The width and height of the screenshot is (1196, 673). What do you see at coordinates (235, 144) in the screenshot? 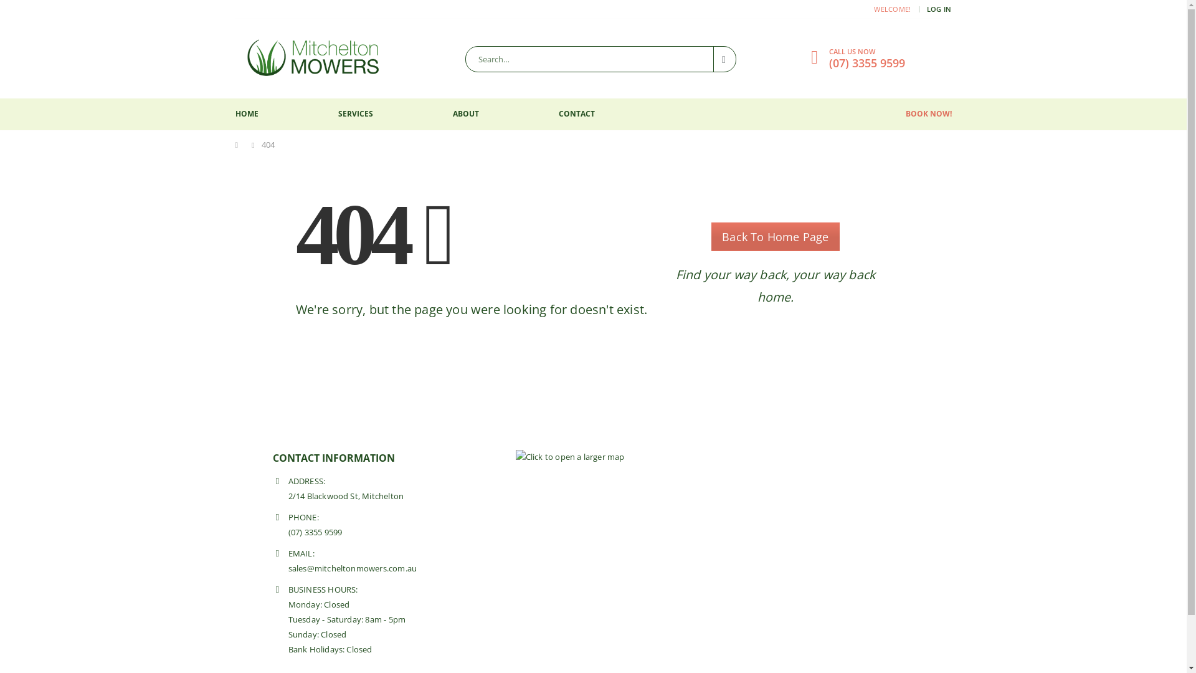
I see `'Go to Home Page'` at bounding box center [235, 144].